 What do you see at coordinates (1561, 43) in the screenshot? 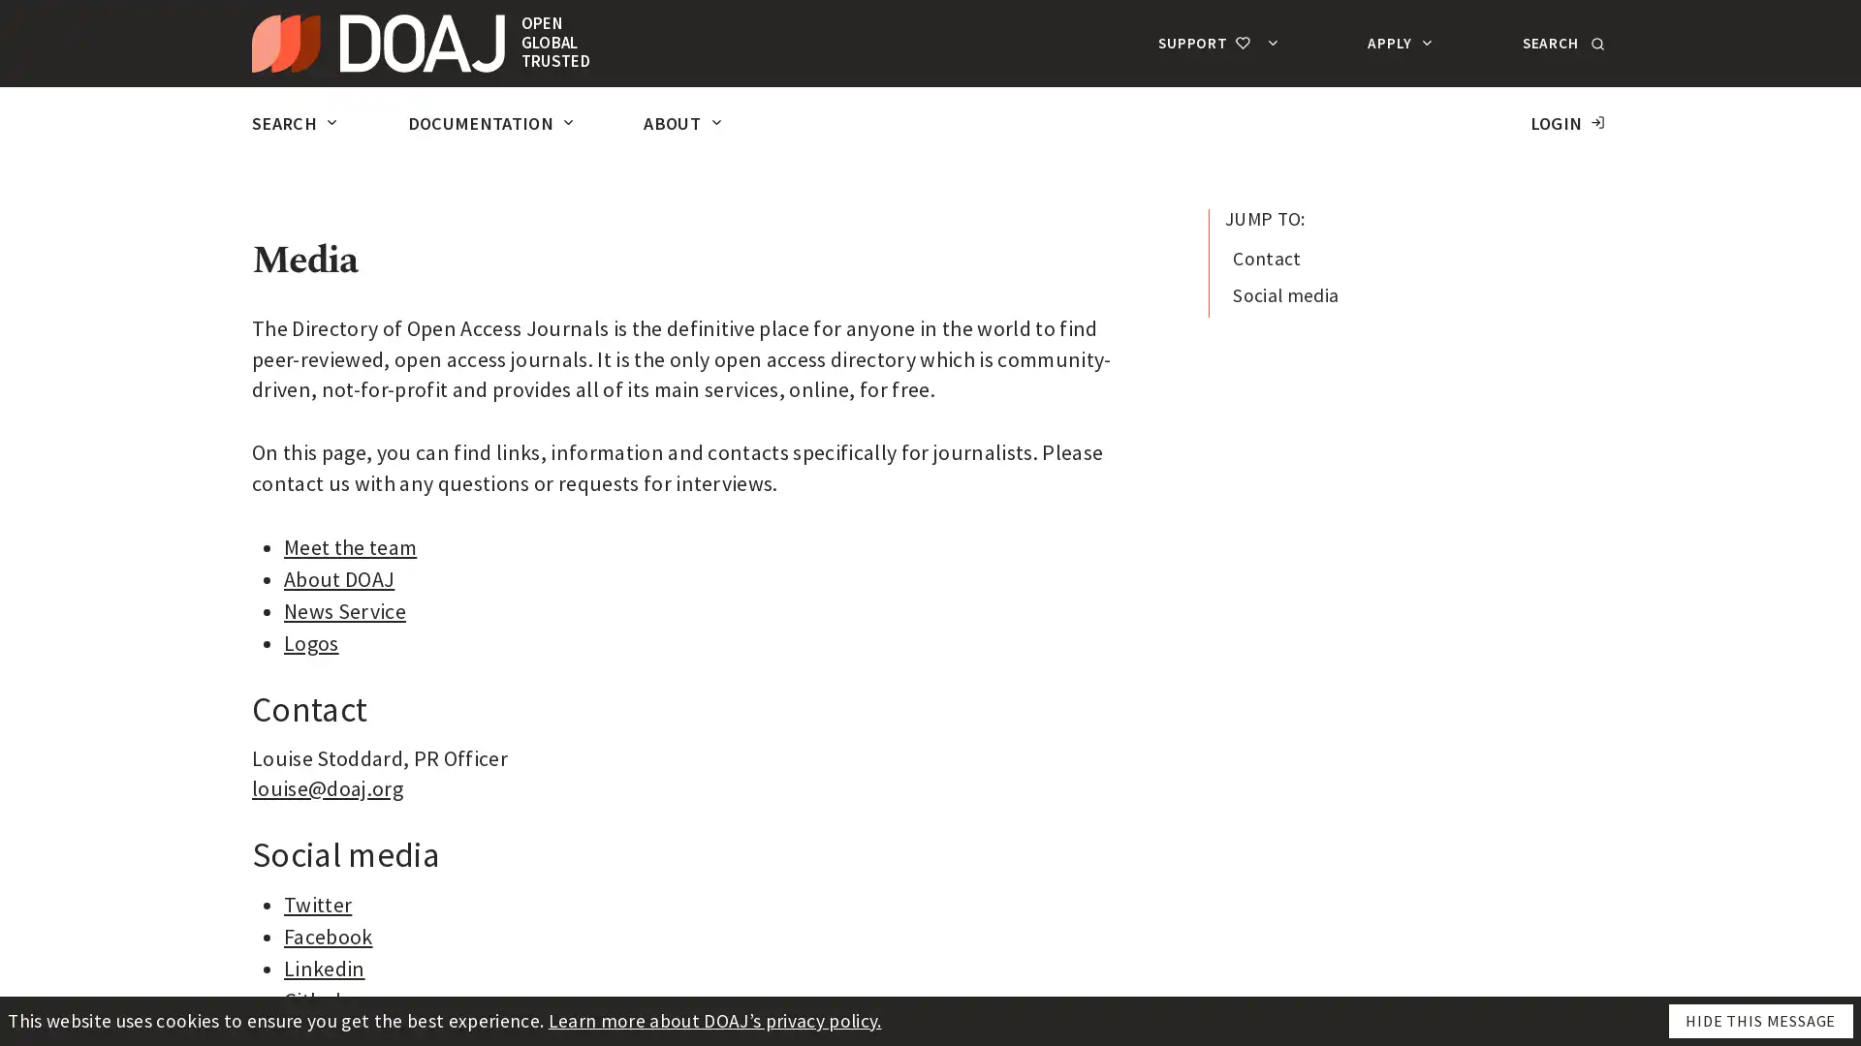
I see `SEARCH` at bounding box center [1561, 43].